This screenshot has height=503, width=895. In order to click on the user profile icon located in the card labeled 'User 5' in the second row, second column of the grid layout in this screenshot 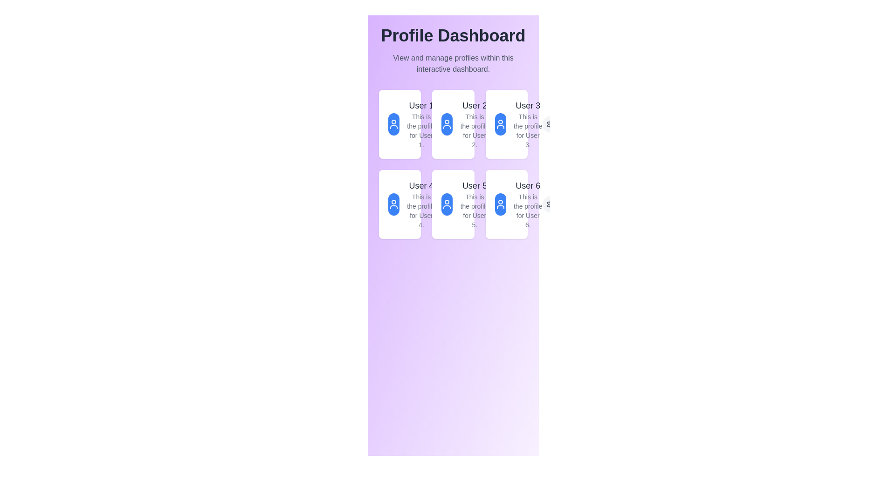, I will do `click(447, 204)`.